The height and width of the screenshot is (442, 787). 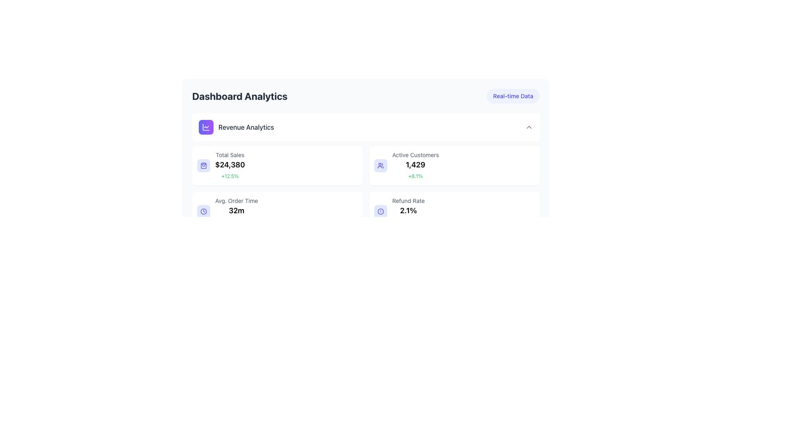 What do you see at coordinates (236, 210) in the screenshot?
I see `the Text Display Element that shows the average order time of 32 minutes, located in the 'Avg. Order Time' subsection of the dashboard` at bounding box center [236, 210].